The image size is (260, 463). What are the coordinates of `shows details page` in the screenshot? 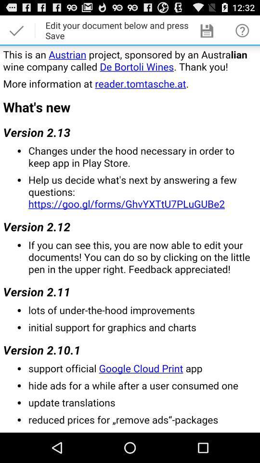 It's located at (130, 238).